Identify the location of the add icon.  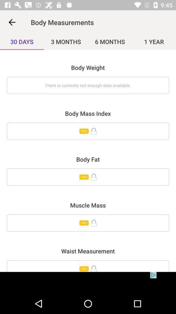
(88, 266).